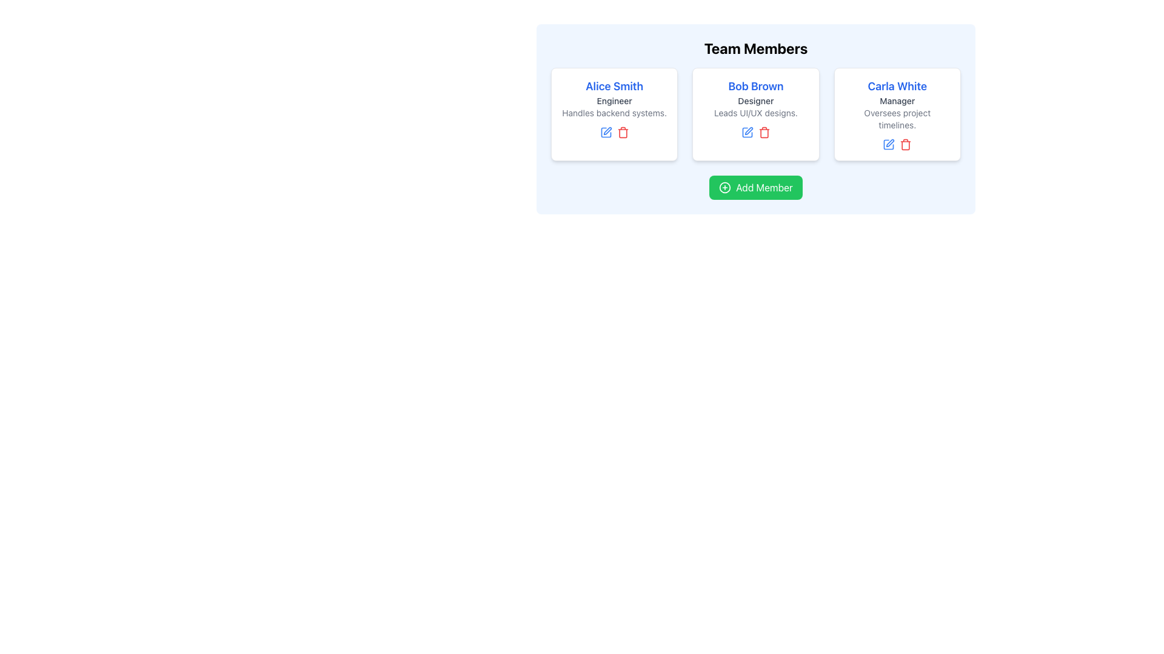  Describe the element at coordinates (725, 187) in the screenshot. I see `the 'Add Member' button icon, which is represented within a green rectangular button located below the 'Team Members' section on the right side of the page` at that location.